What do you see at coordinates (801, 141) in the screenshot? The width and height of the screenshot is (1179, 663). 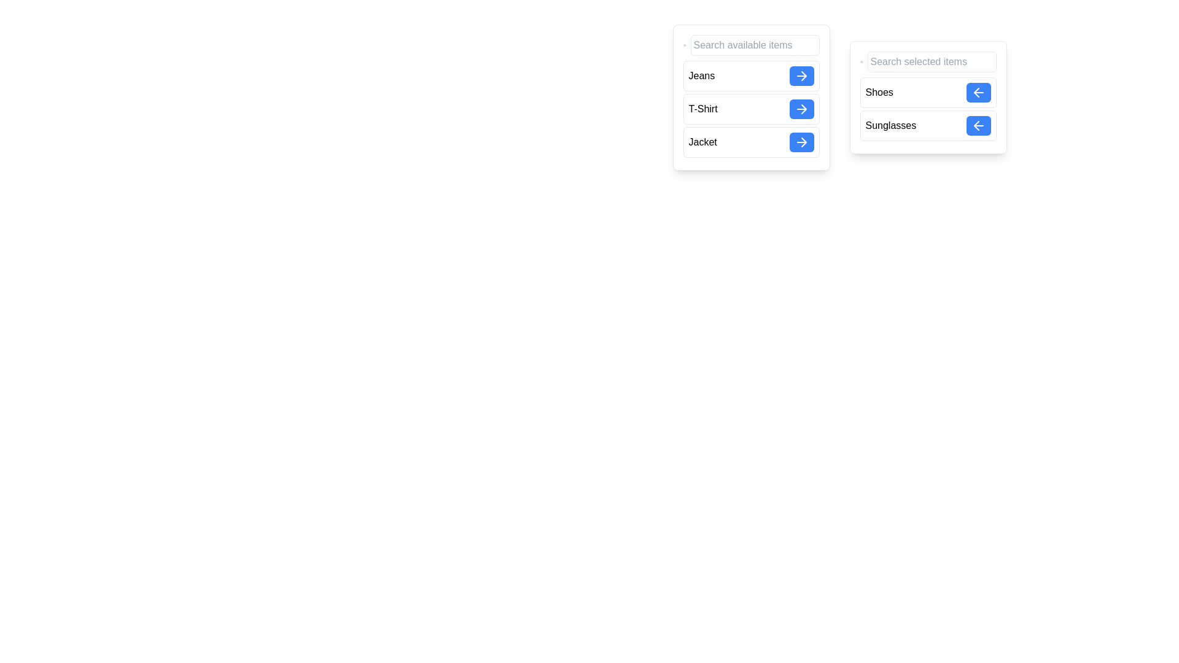 I see `the blue rectangular button with rounded corners, featuring a white arrow pointing to the right, located below buttons for 'Jeans' and 'T-Shirt' in the left panel associated with the text 'Jacket'` at bounding box center [801, 141].